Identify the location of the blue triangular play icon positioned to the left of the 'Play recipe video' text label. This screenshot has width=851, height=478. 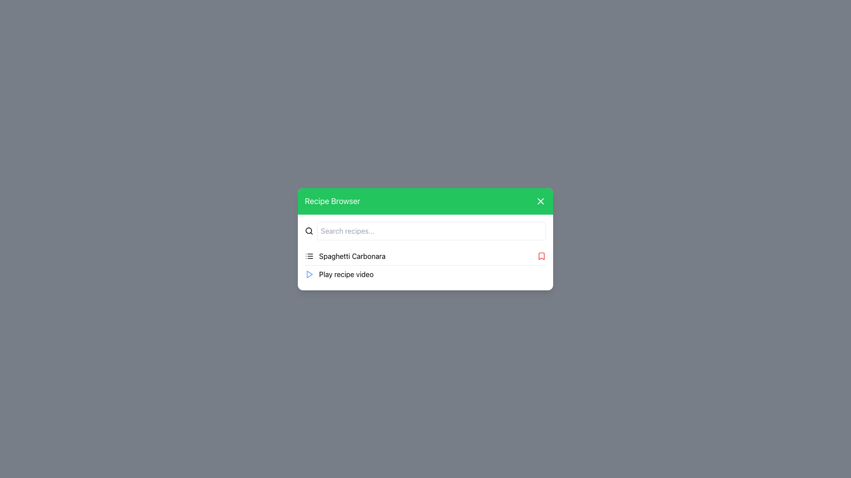
(309, 274).